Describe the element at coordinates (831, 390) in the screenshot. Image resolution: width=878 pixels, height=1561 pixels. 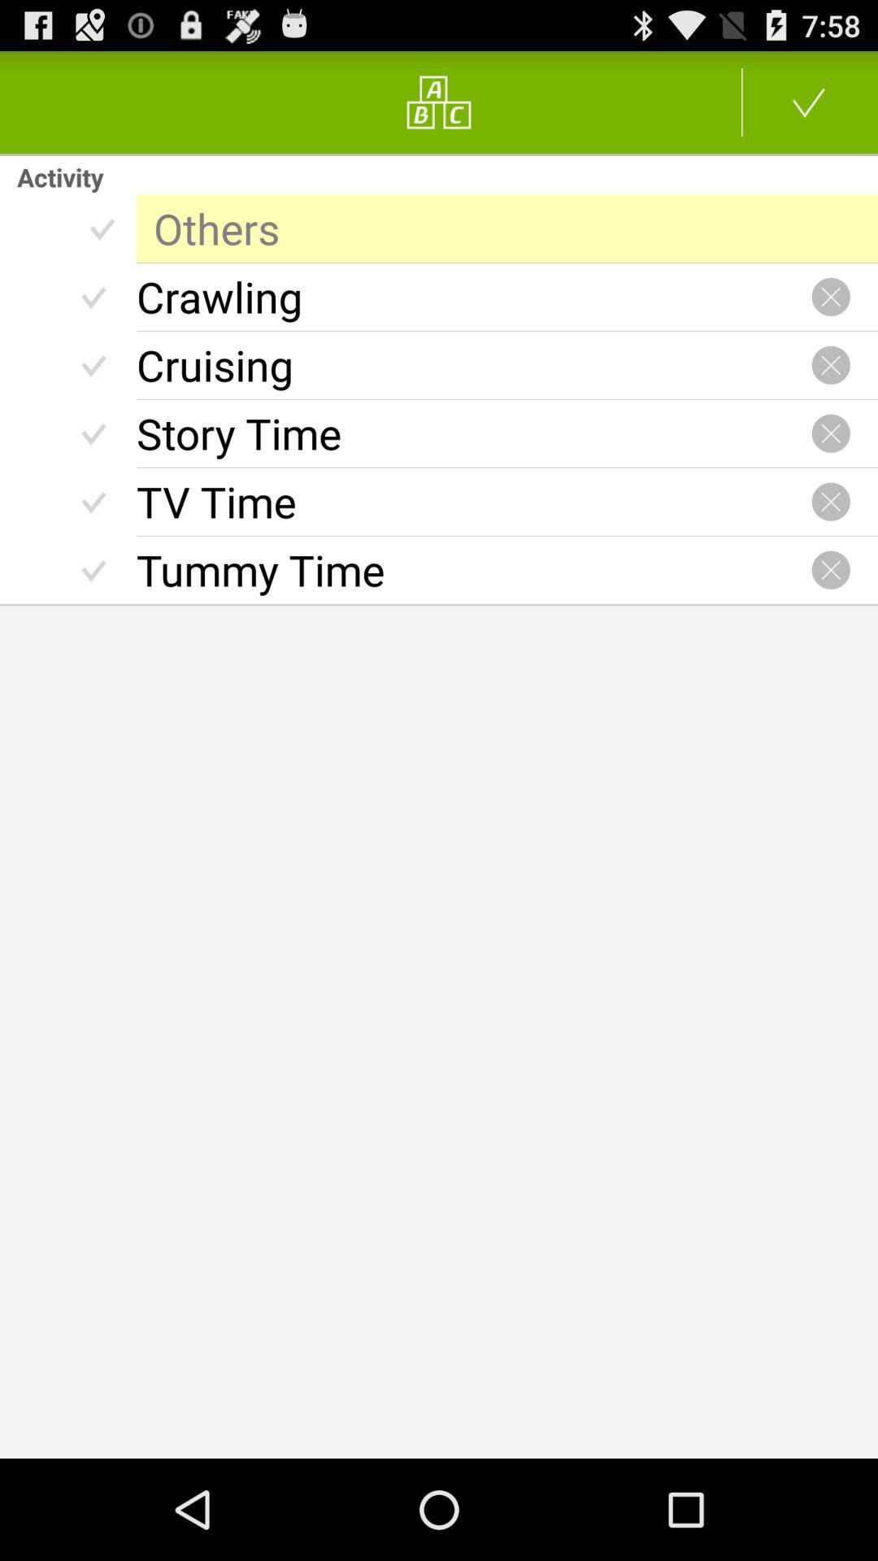
I see `the close icon` at that location.